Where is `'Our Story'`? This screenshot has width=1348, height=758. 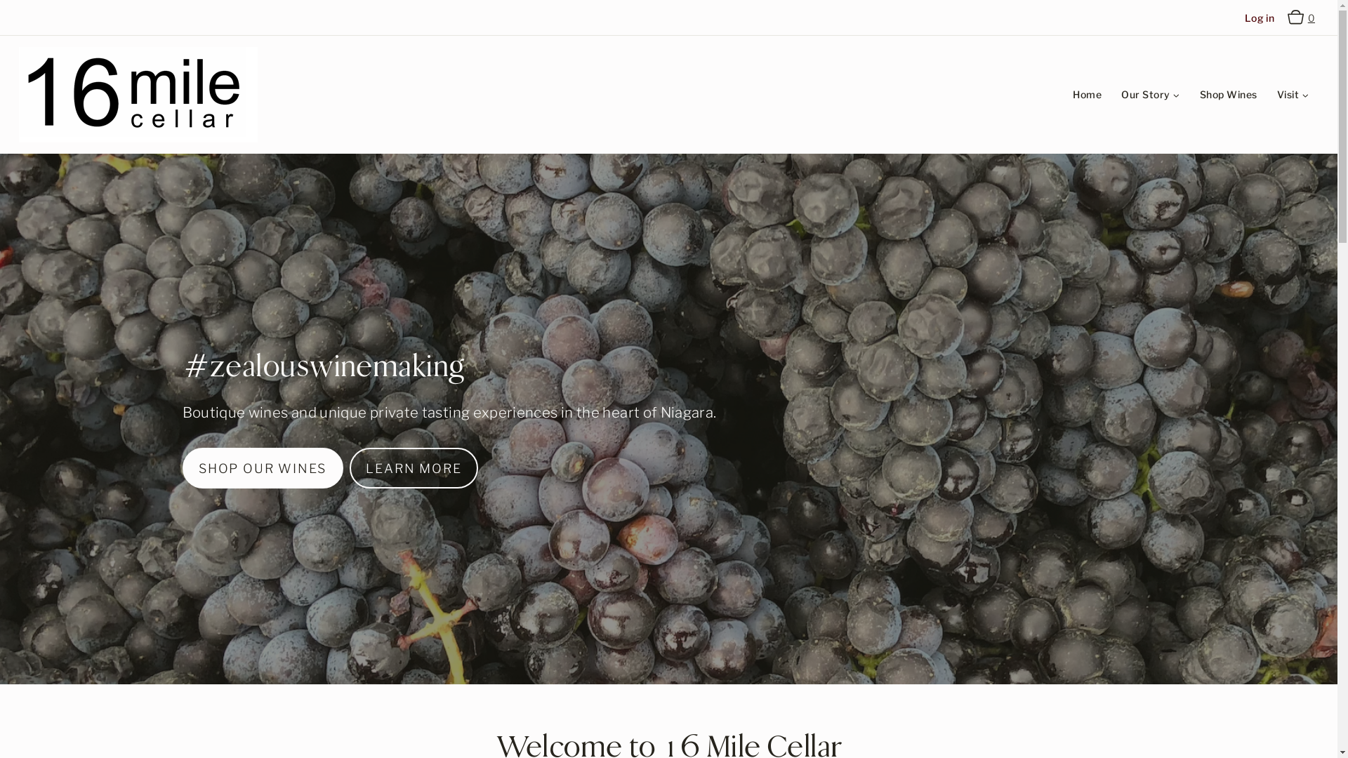
'Our Story' is located at coordinates (1150, 95).